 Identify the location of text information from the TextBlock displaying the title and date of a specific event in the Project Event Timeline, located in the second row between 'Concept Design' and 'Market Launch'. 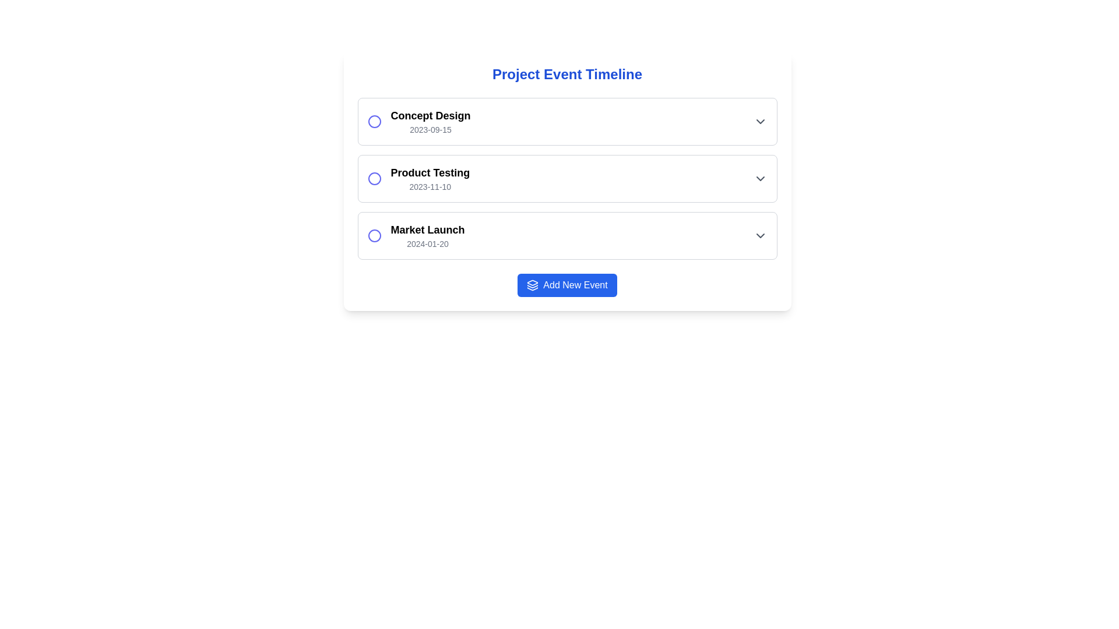
(430, 179).